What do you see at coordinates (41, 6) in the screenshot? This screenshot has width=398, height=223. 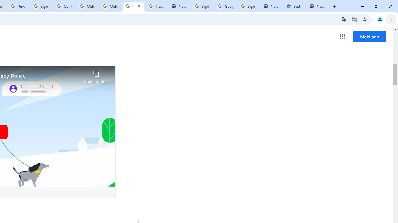 I see `'Sign in - Google Accounts'` at bounding box center [41, 6].